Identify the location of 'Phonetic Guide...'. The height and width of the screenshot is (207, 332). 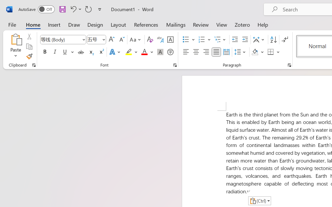
(160, 40).